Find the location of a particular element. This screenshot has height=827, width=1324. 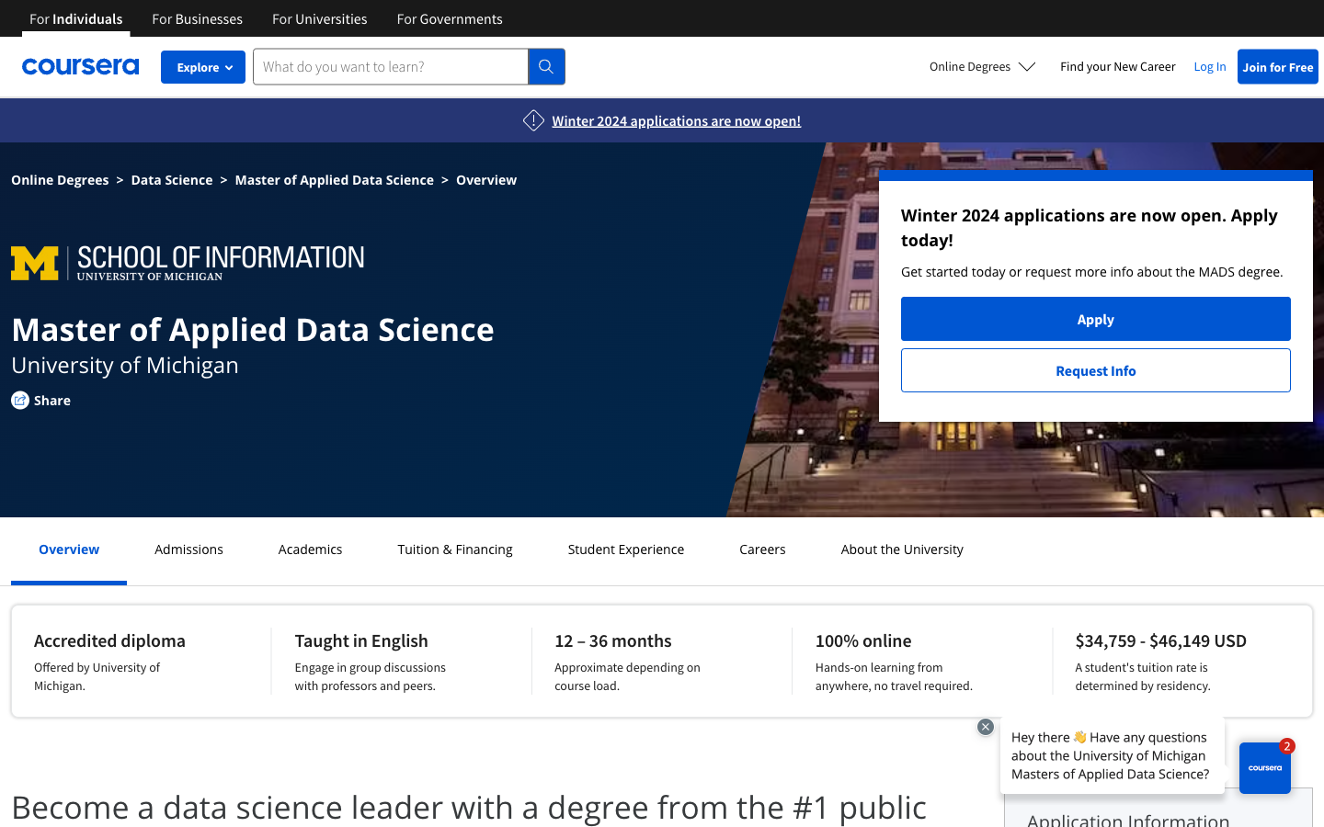

Register for the class is located at coordinates (188, 549).